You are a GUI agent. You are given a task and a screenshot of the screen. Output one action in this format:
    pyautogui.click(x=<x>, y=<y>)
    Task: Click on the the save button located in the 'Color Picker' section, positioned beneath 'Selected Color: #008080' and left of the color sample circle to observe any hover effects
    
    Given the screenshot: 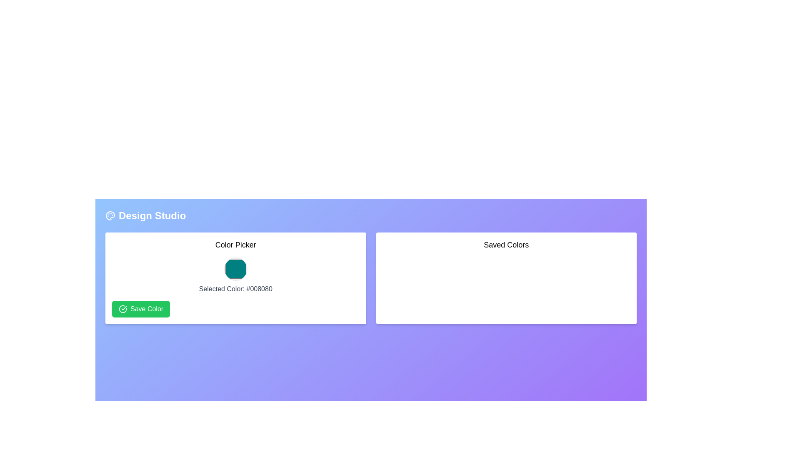 What is the action you would take?
    pyautogui.click(x=141, y=309)
    